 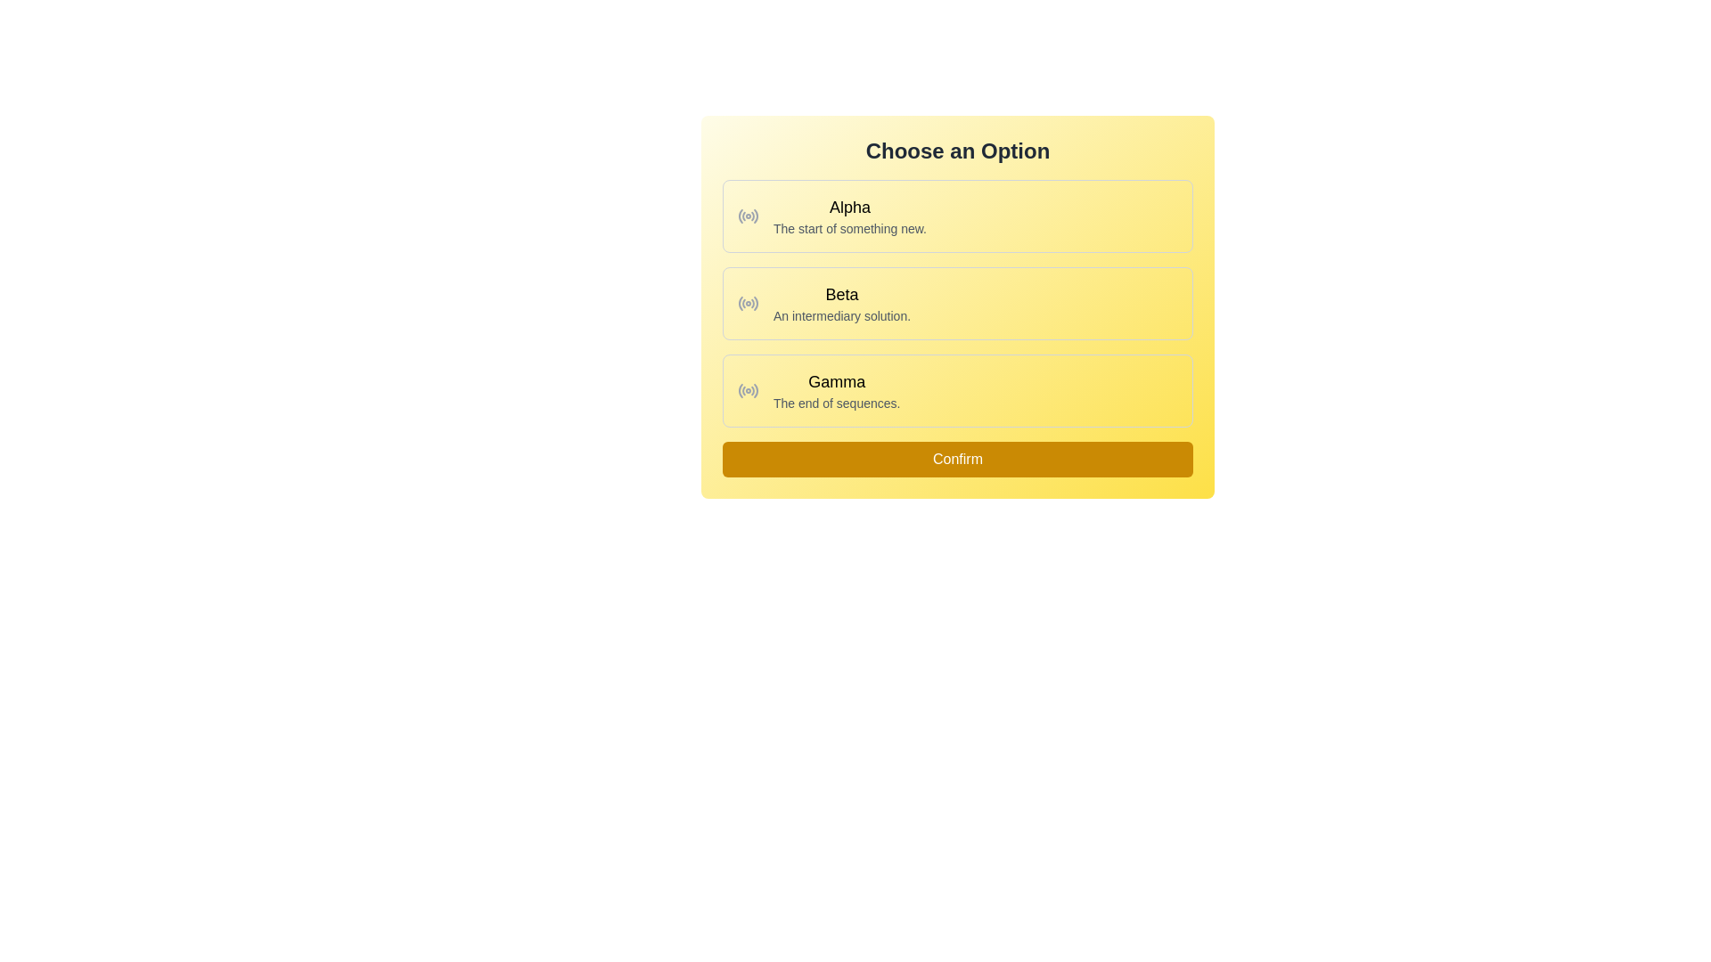 What do you see at coordinates (841, 302) in the screenshot?
I see `the 'Beta' option in the selectable menu located in the middle of the vertical stack between 'Alpha' and 'Gamma', within a light yellow styled card layout` at bounding box center [841, 302].